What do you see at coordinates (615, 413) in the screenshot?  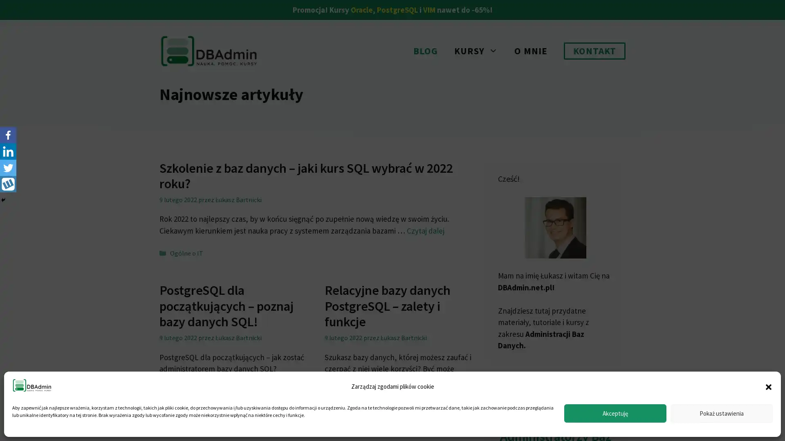 I see `Akceptuje` at bounding box center [615, 413].